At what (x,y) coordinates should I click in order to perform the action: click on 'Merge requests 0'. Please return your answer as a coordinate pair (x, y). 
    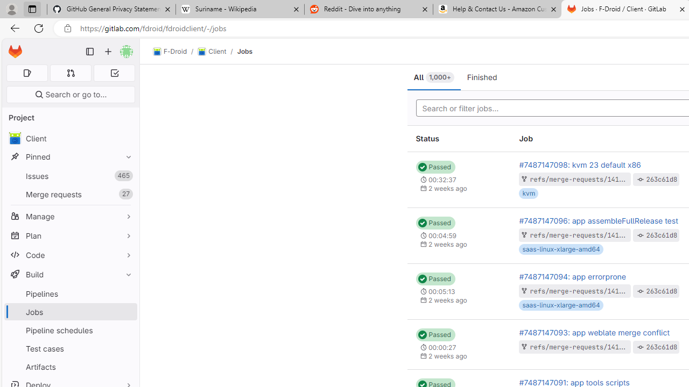
    Looking at the image, I should click on (70, 73).